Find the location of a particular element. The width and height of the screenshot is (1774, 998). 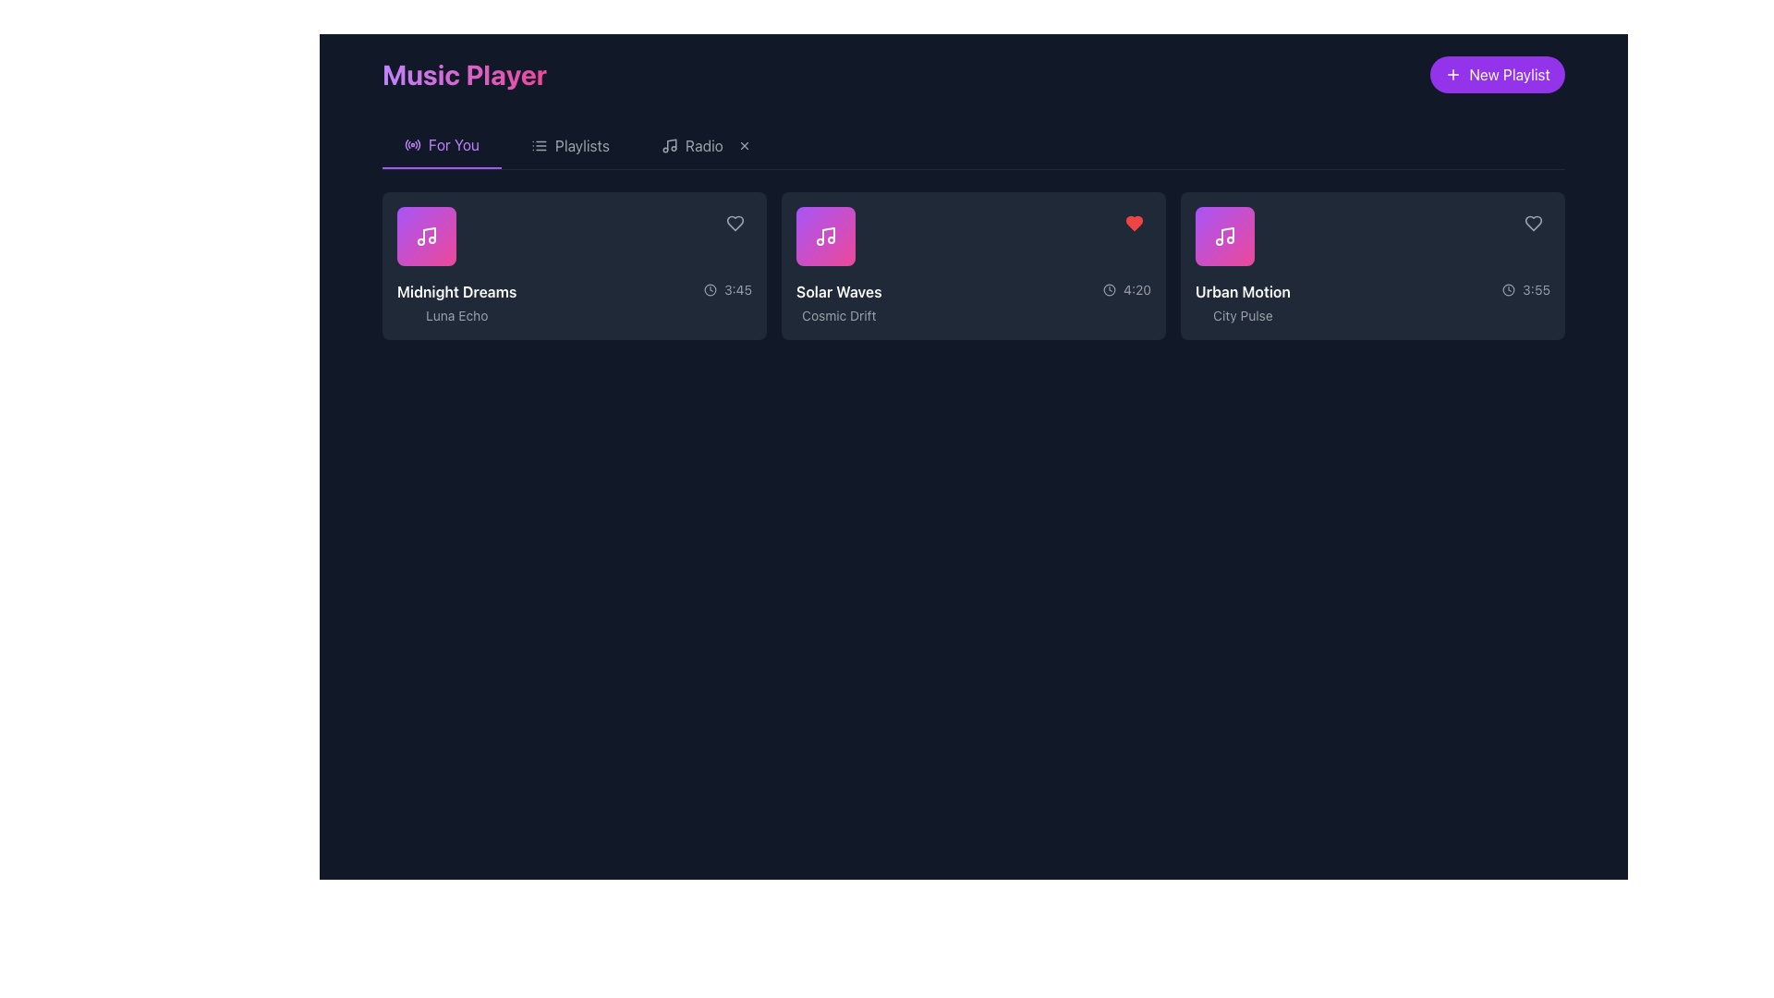

the red cross close button located to the right of the 'Radio' text in the top navigation bar is located at coordinates (744, 145).